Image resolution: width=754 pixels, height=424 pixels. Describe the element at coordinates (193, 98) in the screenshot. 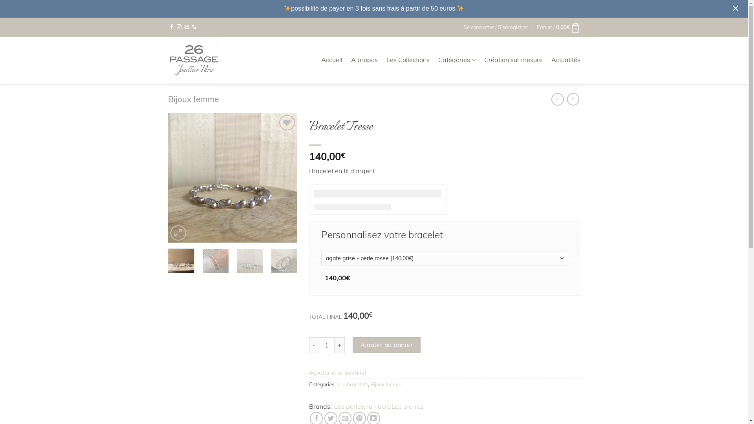

I see `'Bijoux femme'` at that location.